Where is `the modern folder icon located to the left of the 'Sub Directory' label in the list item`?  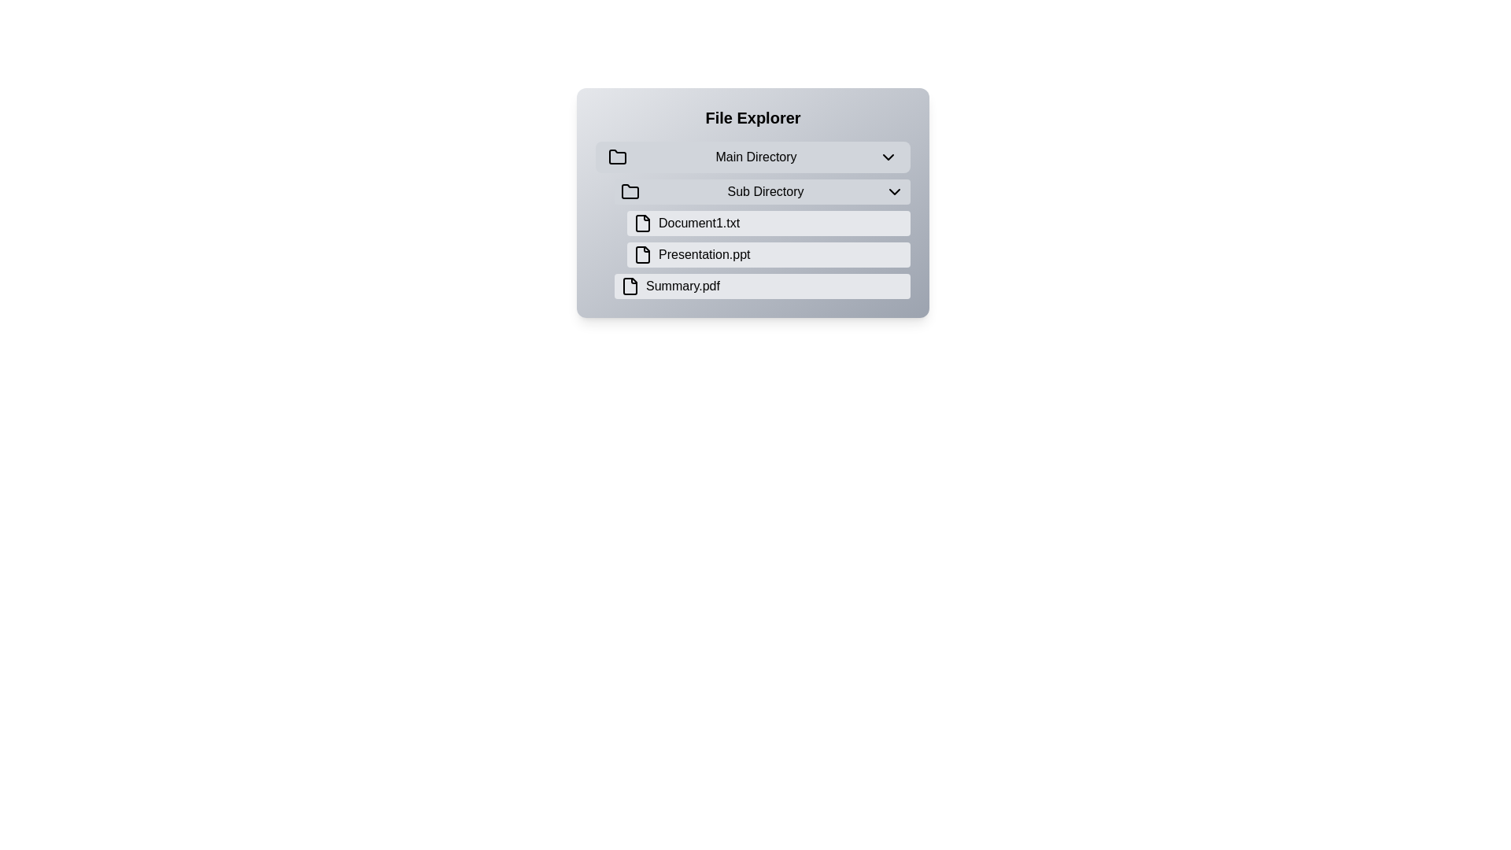 the modern folder icon located to the left of the 'Sub Directory' label in the list item is located at coordinates (630, 190).